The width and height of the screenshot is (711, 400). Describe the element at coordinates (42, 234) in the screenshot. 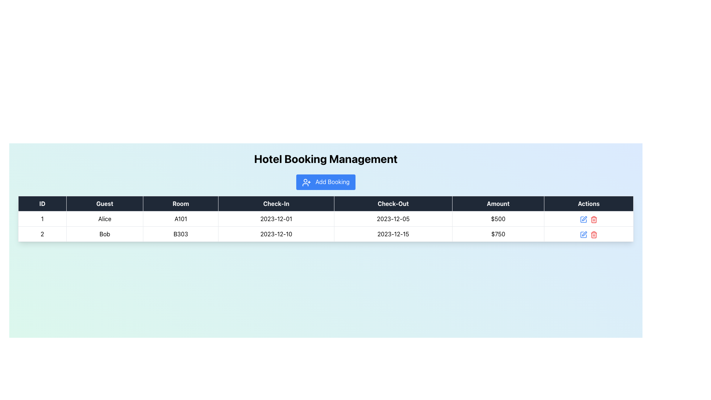

I see `text content of the Table Cell displaying the number '2' located in the second row and first column under the 'ID' column header` at that location.